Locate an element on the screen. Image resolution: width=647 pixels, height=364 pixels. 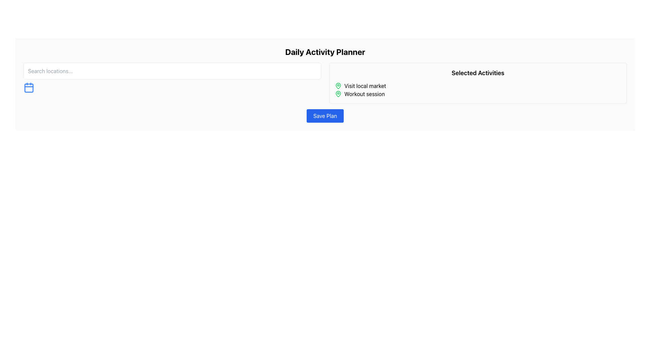
the green pin icon located to the left of the text 'Workout session' to interact with its functionality is located at coordinates (338, 94).